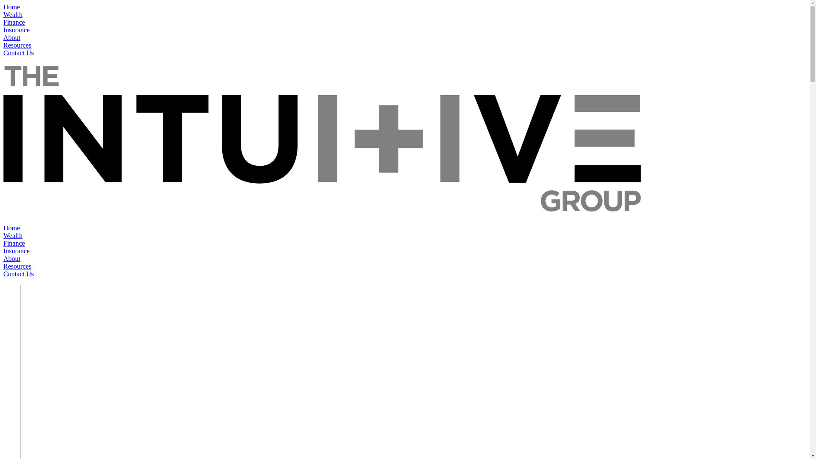 The image size is (816, 459). What do you see at coordinates (3, 227) in the screenshot?
I see `'Home'` at bounding box center [3, 227].